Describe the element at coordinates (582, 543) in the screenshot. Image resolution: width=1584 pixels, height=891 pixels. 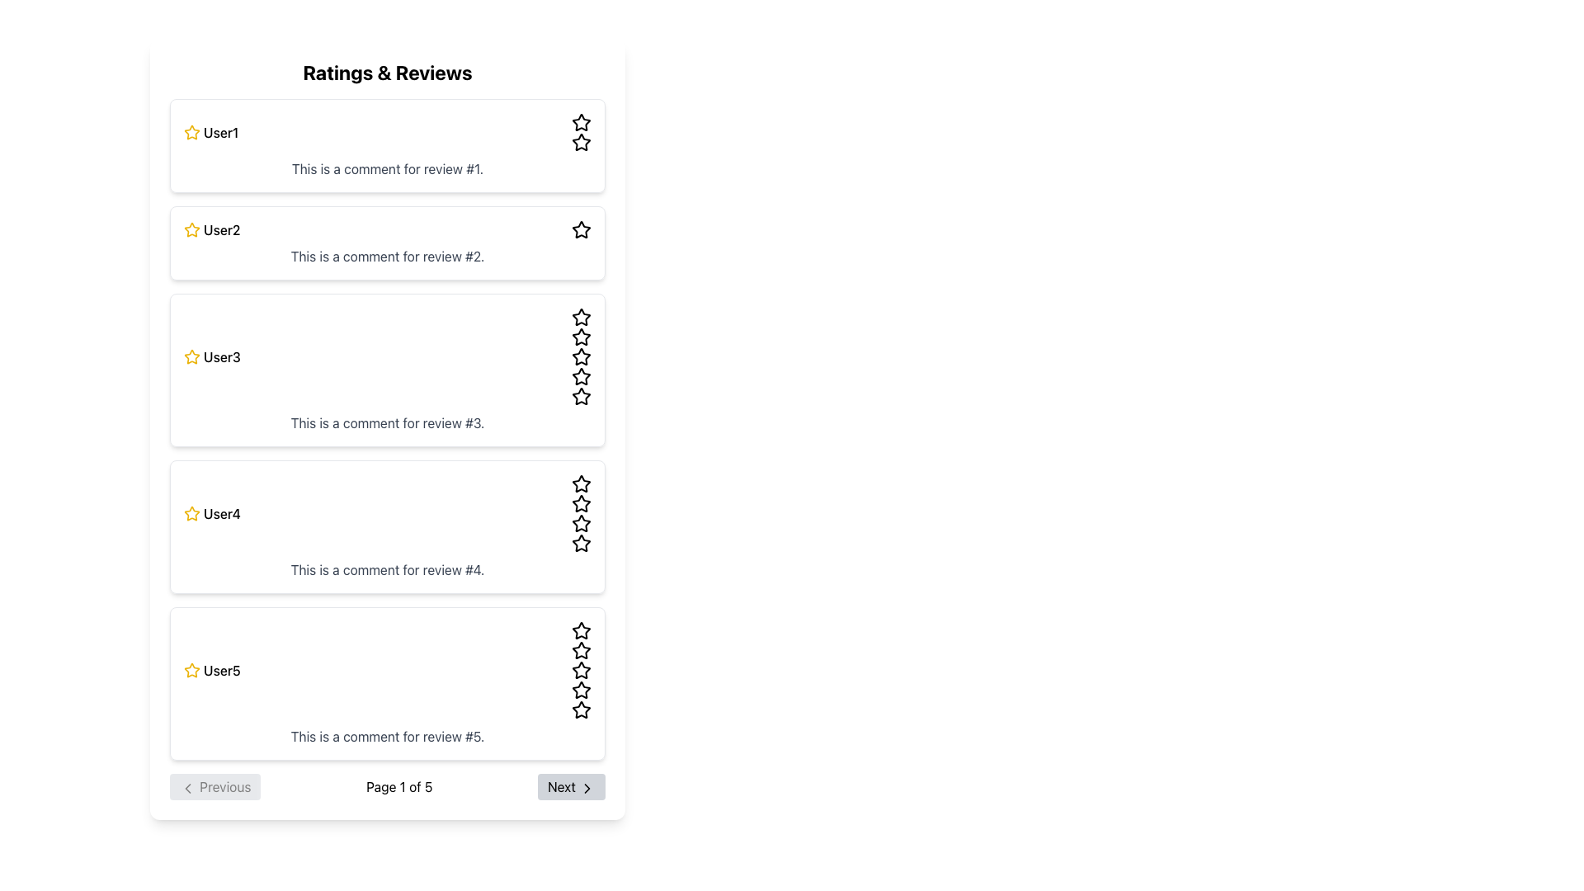
I see `the fourth star in the five-star rating system associated with the 'User4' review` at that location.